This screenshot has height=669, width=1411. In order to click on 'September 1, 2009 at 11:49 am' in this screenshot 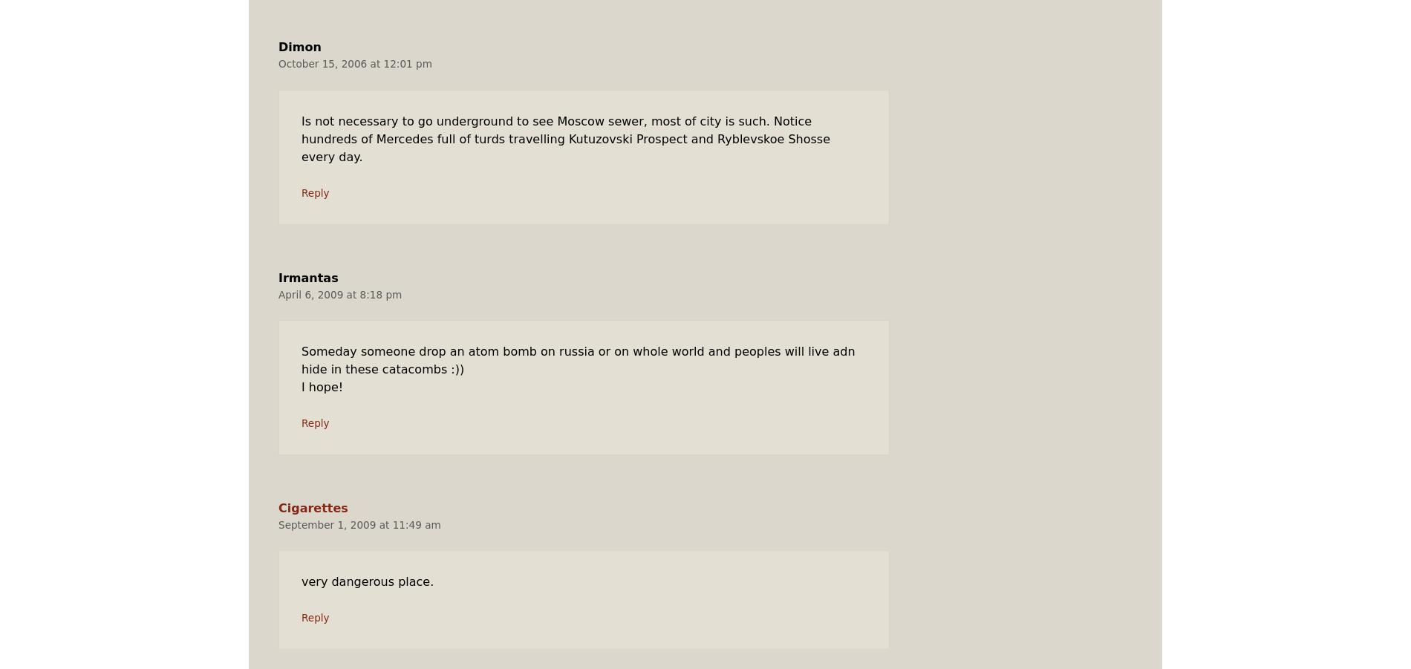, I will do `click(359, 524)`.